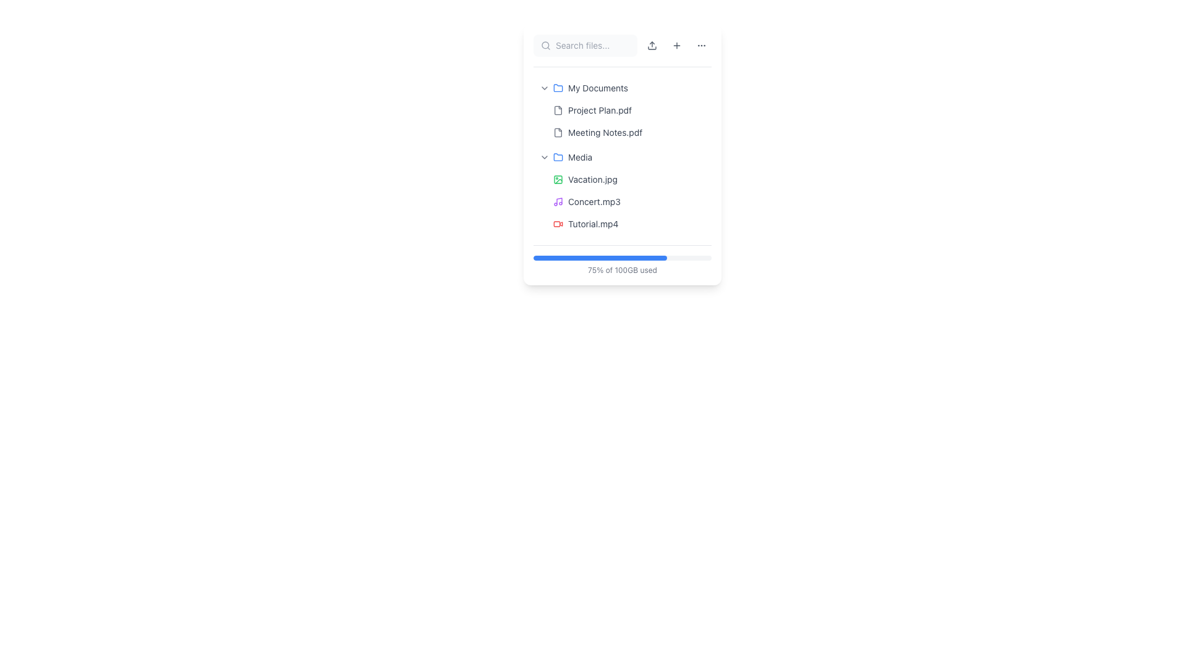  I want to click on the menu trigger icon button located at the top-right corner of the application panel, so click(701, 44).